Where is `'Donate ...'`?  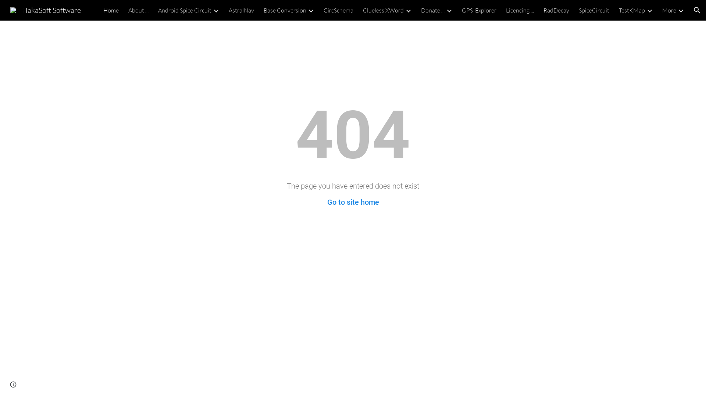
'Donate ...' is located at coordinates (432, 10).